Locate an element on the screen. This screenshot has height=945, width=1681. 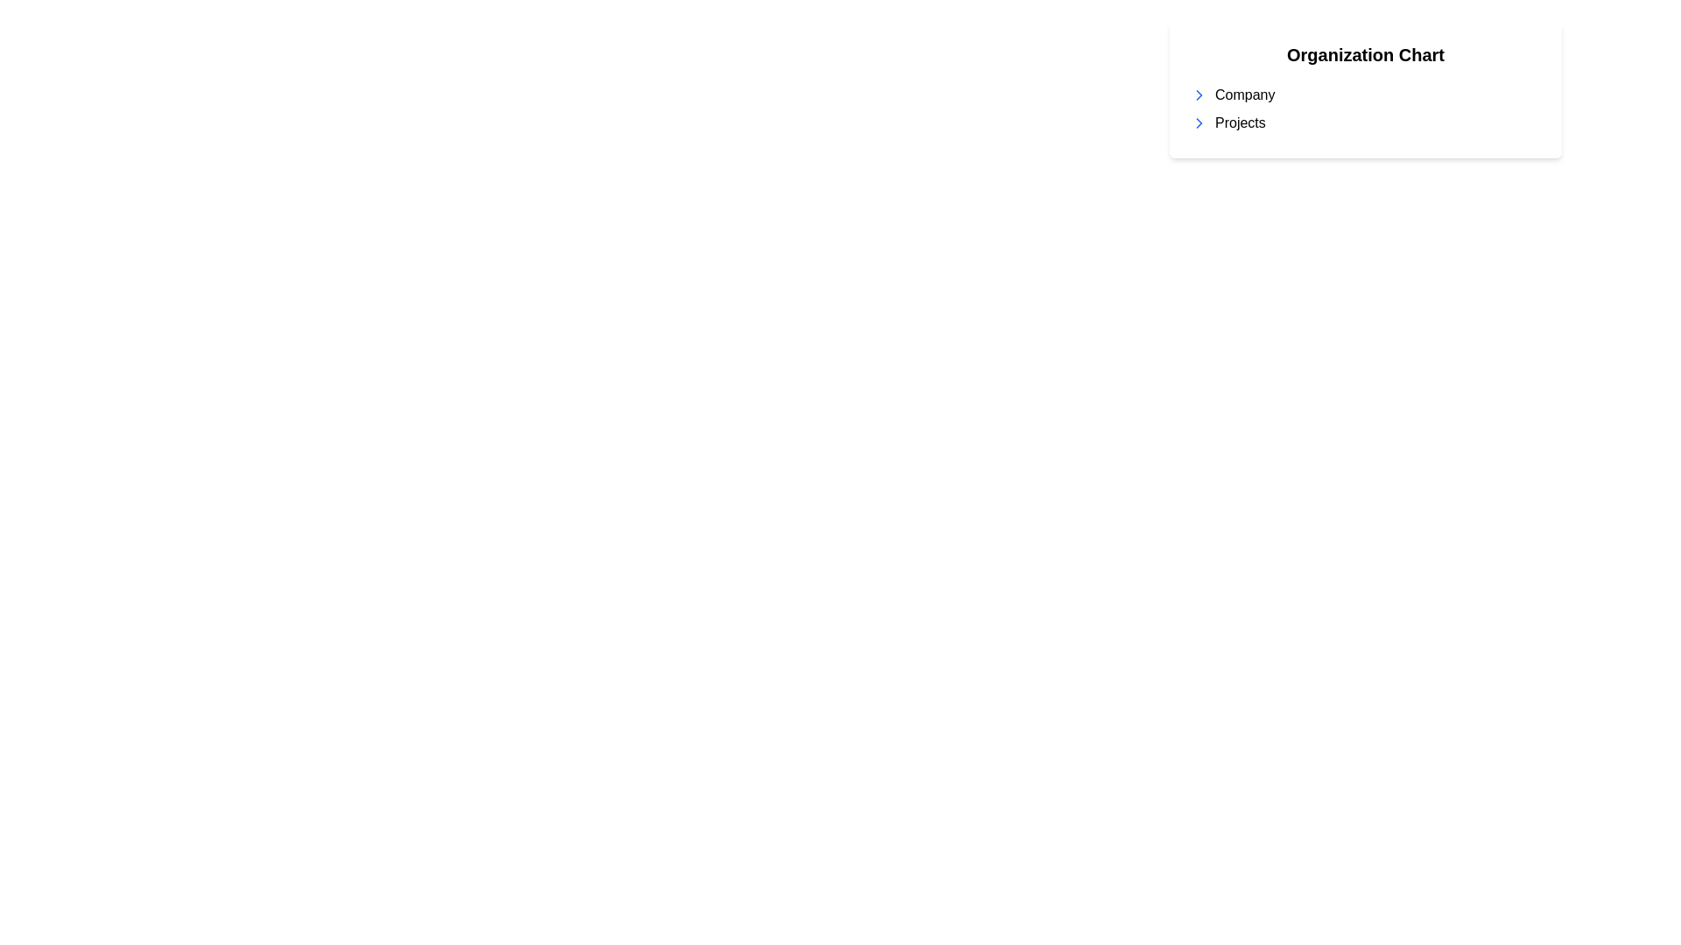
the leftmost Chevron Right icon is located at coordinates (1198, 94).